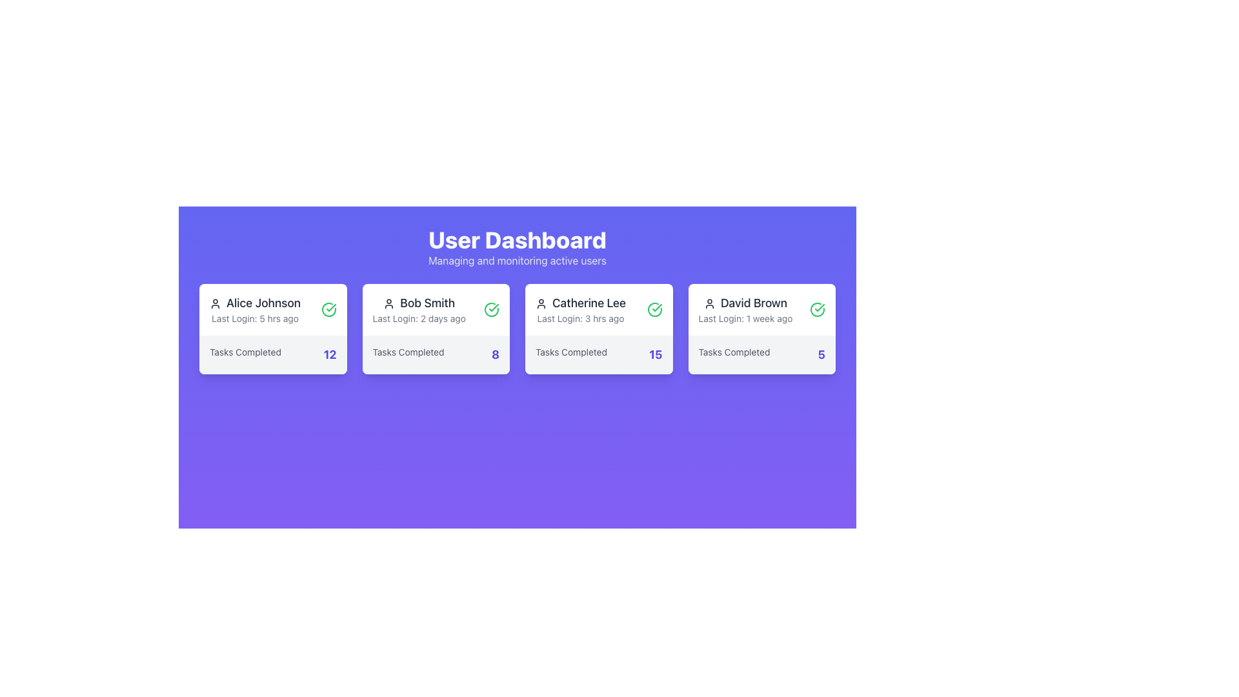  I want to click on the positive status icon located in the top-right segment of the card labeled 'Catherine Lee', which indicates completion and is positioned to the right of 'Last Login: 3 hrs ago', so click(654, 309).